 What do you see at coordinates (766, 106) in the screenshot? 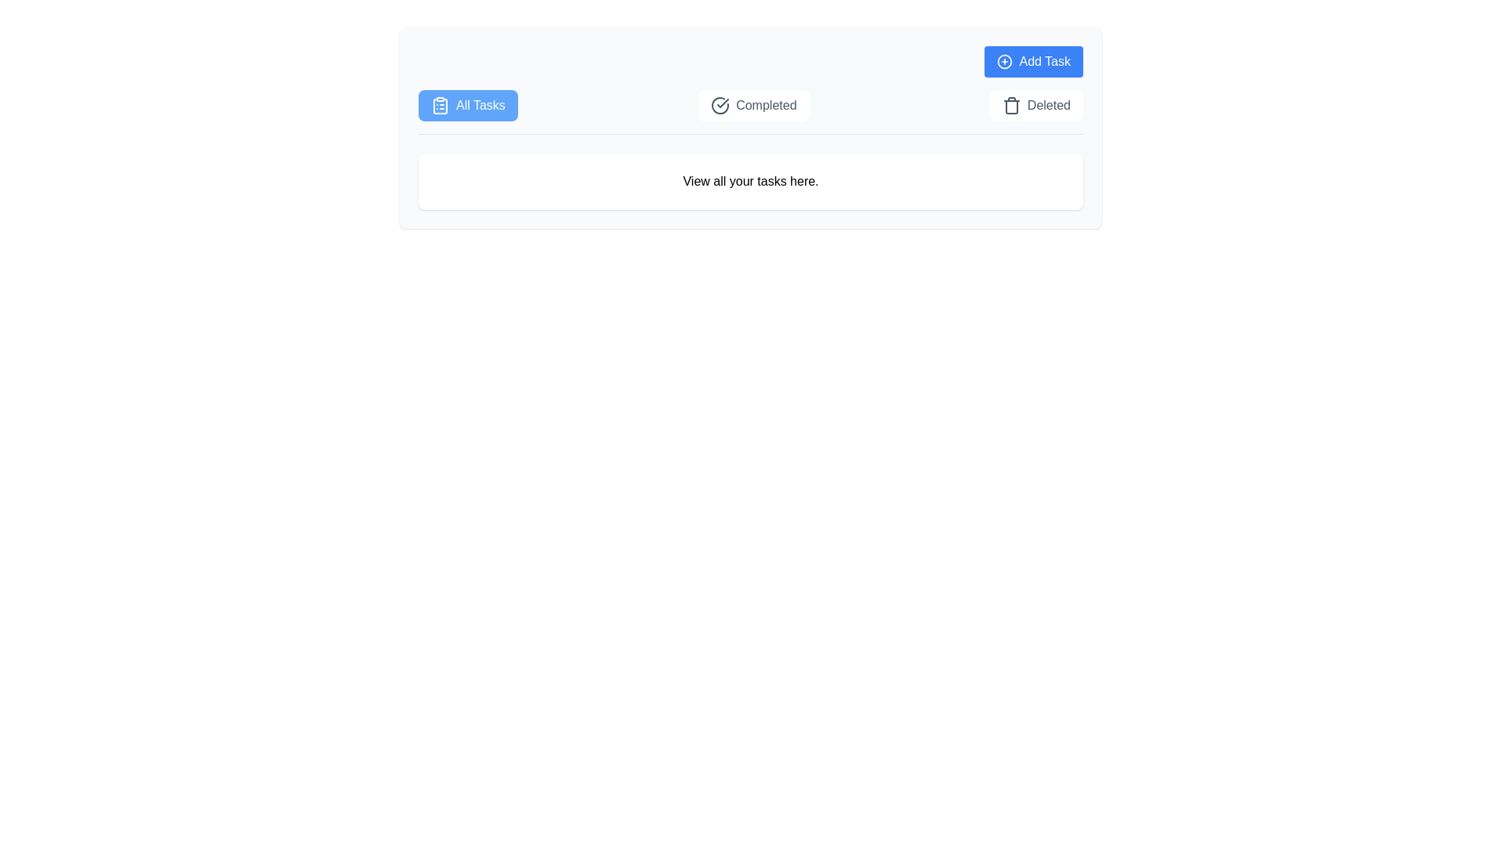
I see `the text label reading 'Completed', which is part of a button-like interface element with a white background, located to the right of a circular icon with a check mark` at bounding box center [766, 106].